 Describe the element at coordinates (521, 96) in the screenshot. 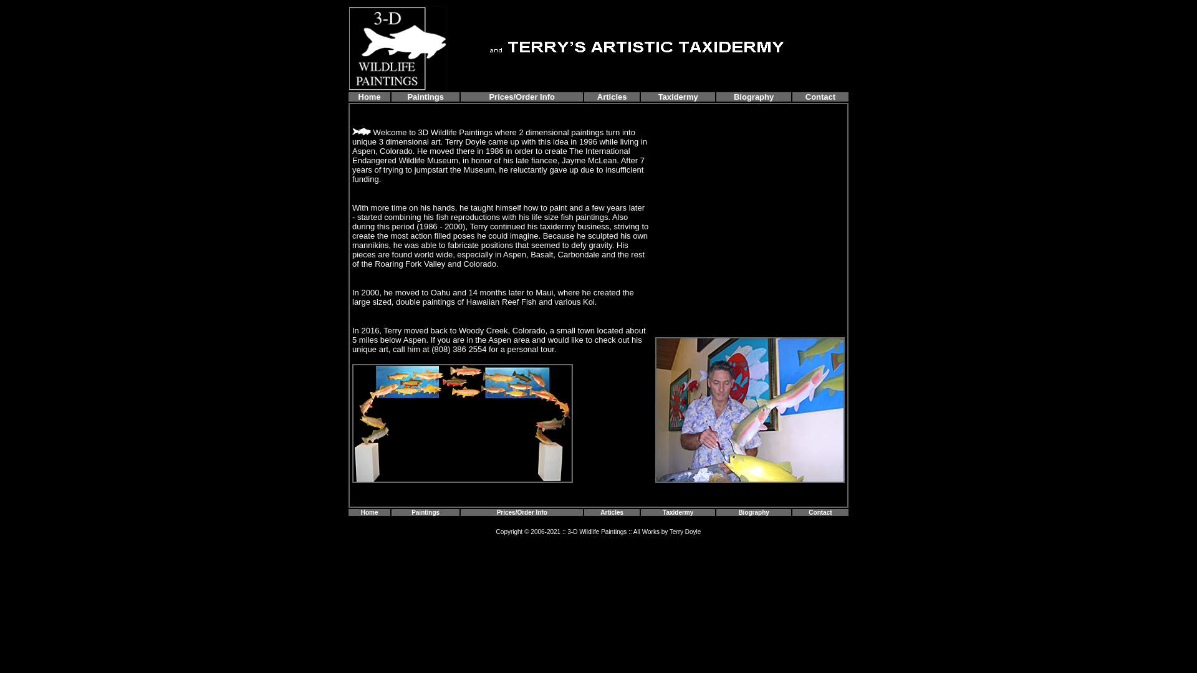

I see `'Prices/Order Info'` at that location.